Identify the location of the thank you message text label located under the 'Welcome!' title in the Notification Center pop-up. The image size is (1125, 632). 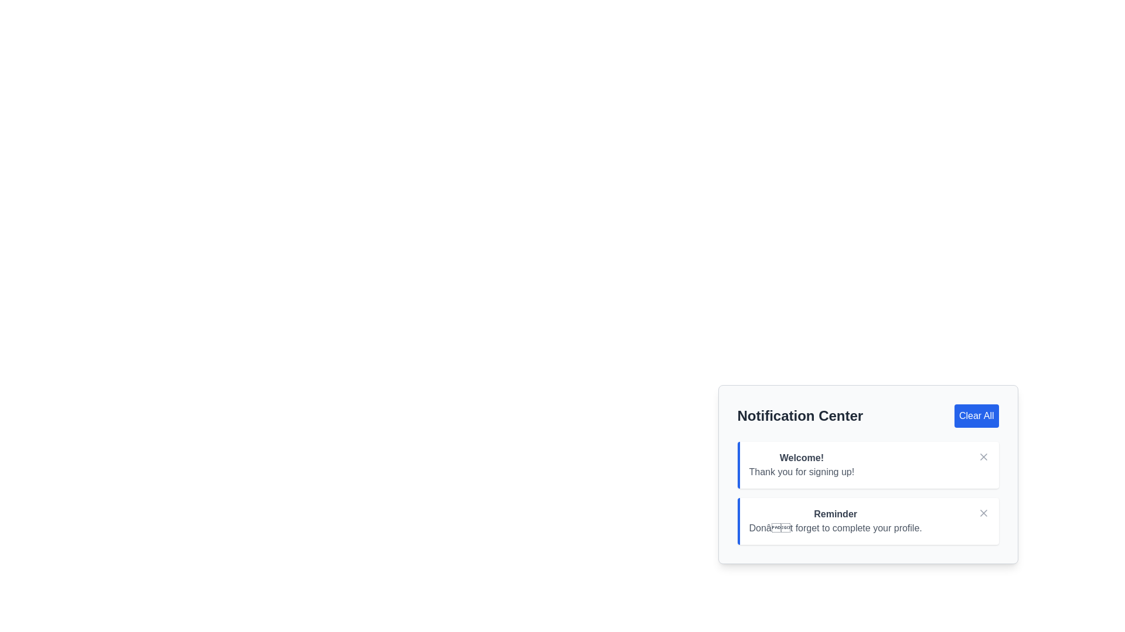
(801, 471).